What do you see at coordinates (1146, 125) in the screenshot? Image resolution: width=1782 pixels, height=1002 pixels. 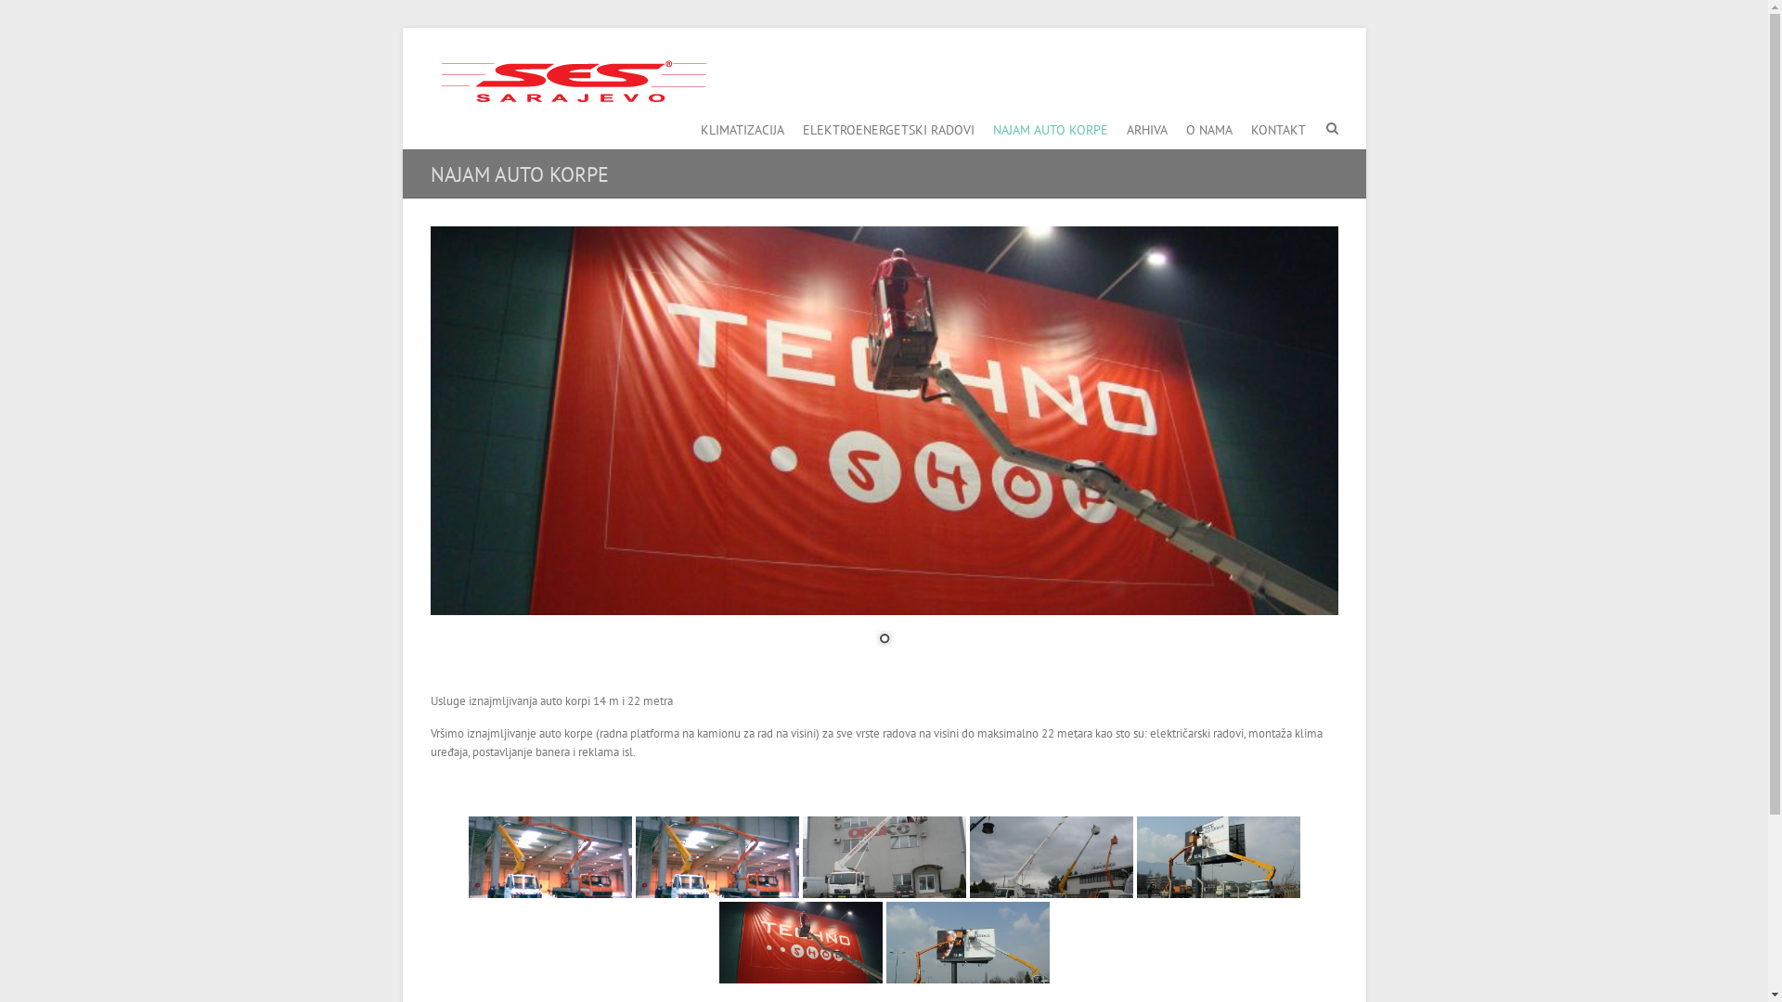 I see `'ARHIVA'` at bounding box center [1146, 125].